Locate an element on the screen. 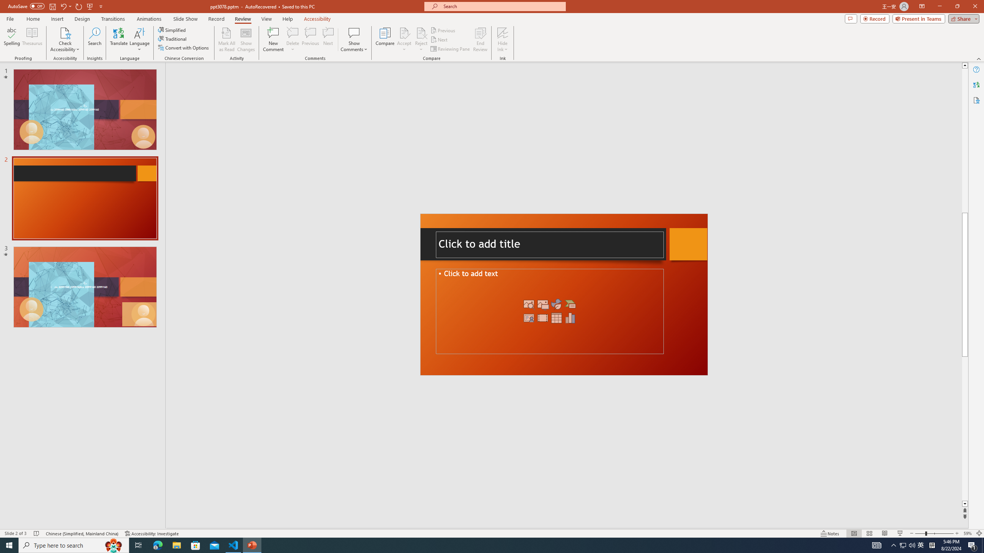 This screenshot has width=984, height=553. 'Accept Change' is located at coordinates (404, 32).